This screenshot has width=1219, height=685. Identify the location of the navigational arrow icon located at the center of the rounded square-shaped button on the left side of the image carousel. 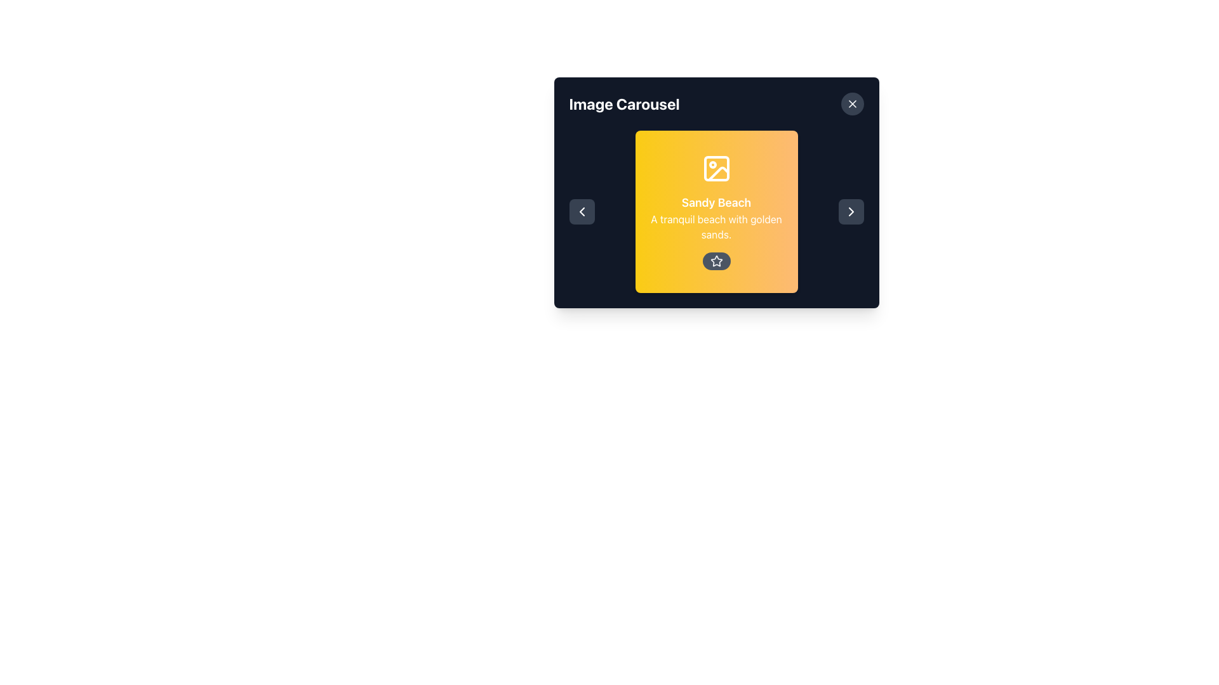
(581, 211).